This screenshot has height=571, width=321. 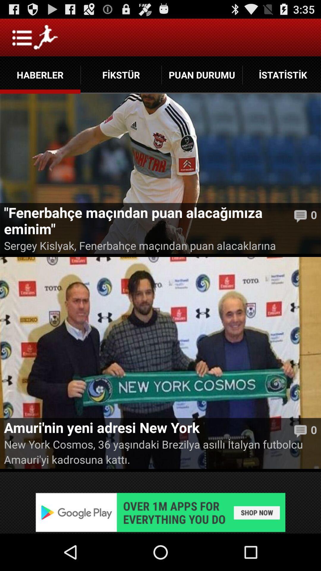 What do you see at coordinates (121, 75) in the screenshot?
I see `the app next to puan durumu item` at bounding box center [121, 75].